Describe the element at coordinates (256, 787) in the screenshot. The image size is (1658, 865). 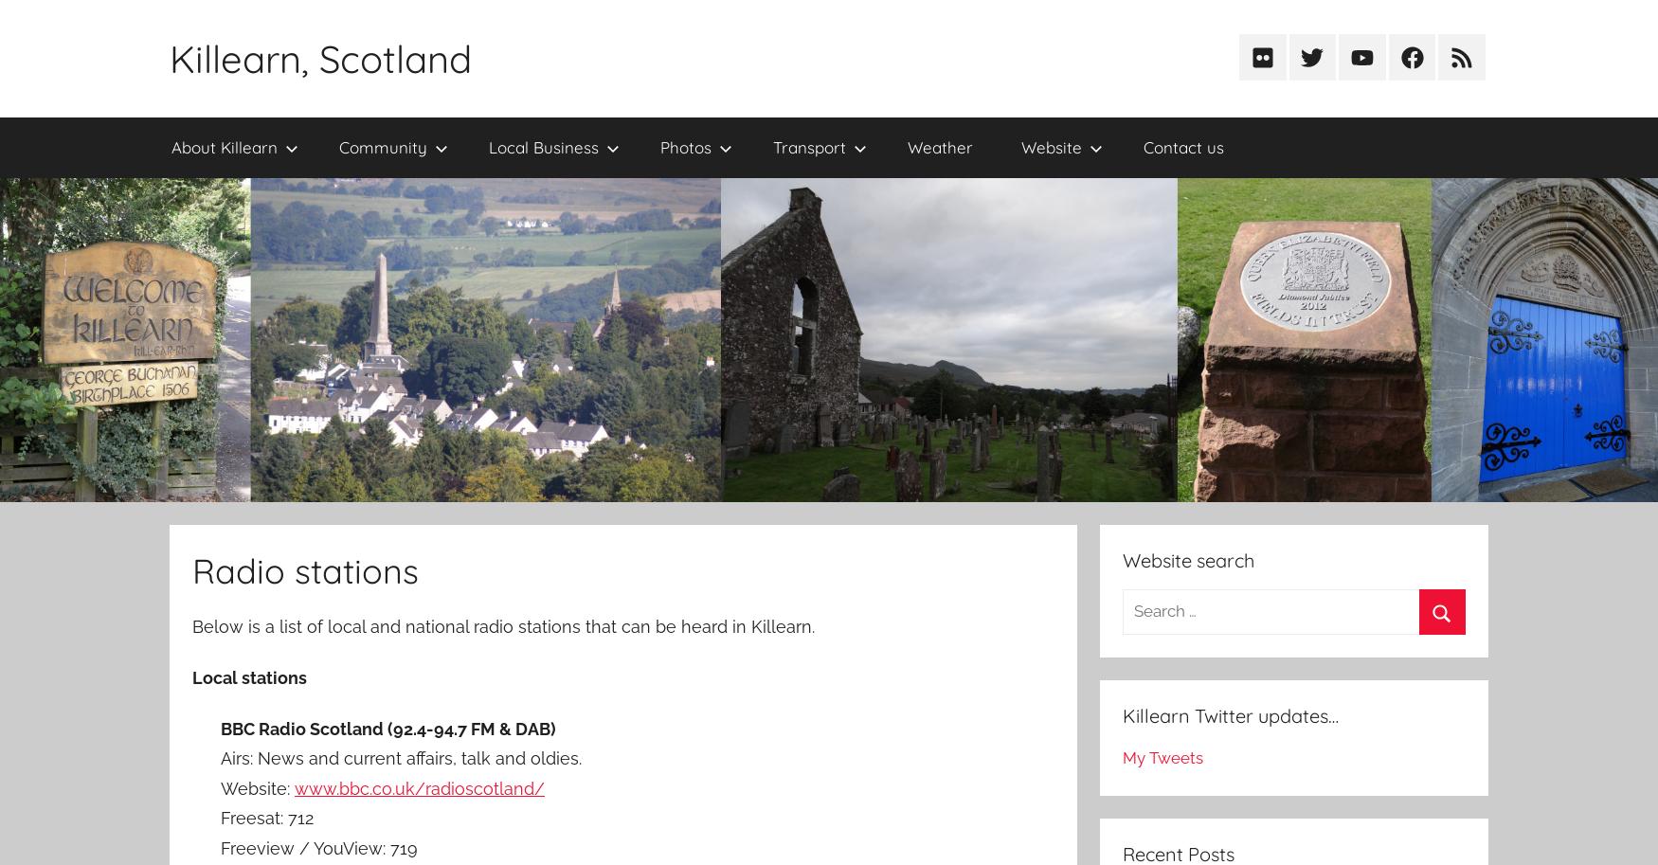
I see `'Website:'` at that location.